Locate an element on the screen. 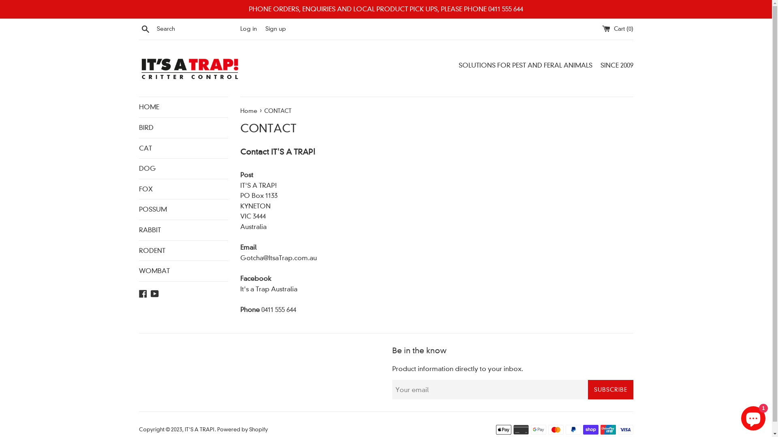  'Powered by Shopify' is located at coordinates (242, 429).